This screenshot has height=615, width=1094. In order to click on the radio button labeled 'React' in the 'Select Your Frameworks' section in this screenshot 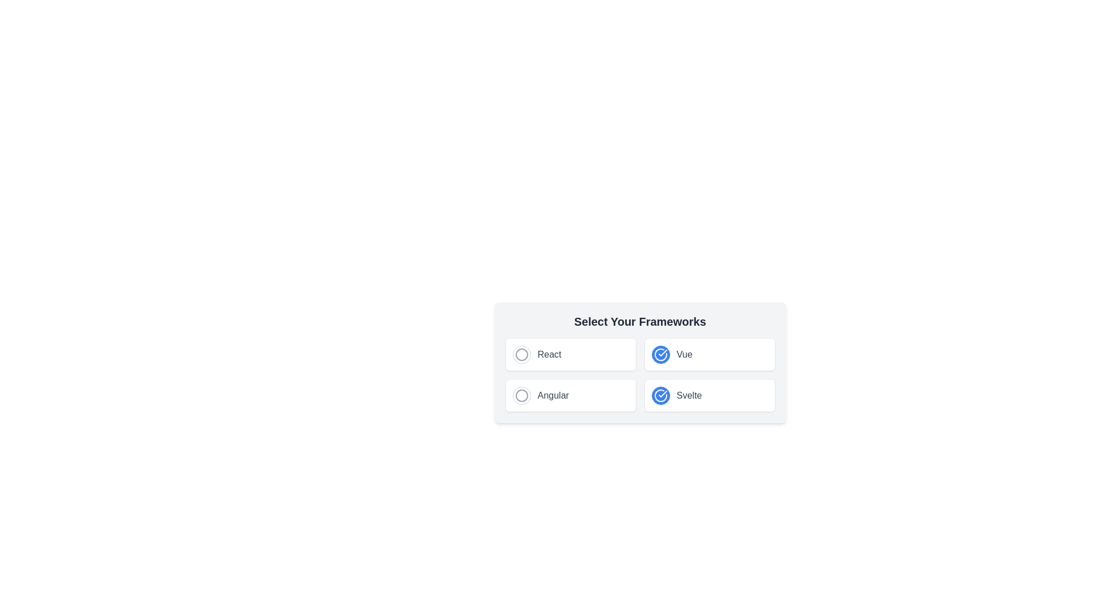, I will do `click(570, 354)`.